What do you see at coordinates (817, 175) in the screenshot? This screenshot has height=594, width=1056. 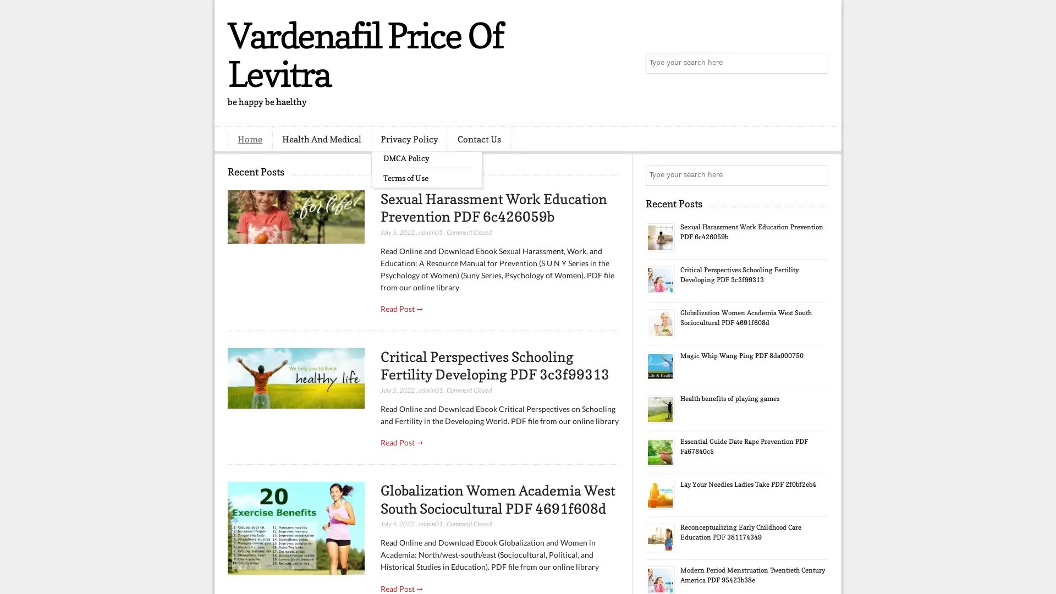 I see `Search` at bounding box center [817, 175].